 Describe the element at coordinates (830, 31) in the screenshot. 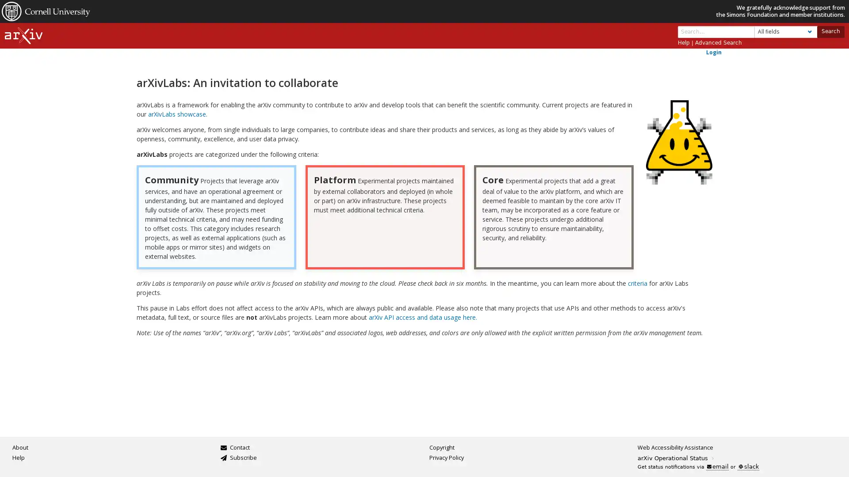

I see `Search` at that location.